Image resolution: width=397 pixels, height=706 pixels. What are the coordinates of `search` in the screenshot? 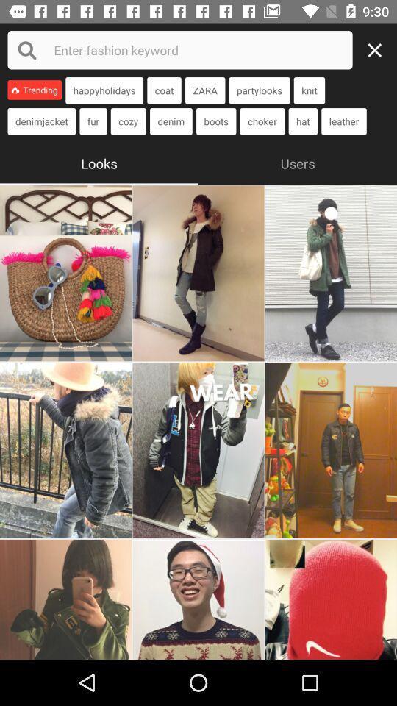 It's located at (379, 50).